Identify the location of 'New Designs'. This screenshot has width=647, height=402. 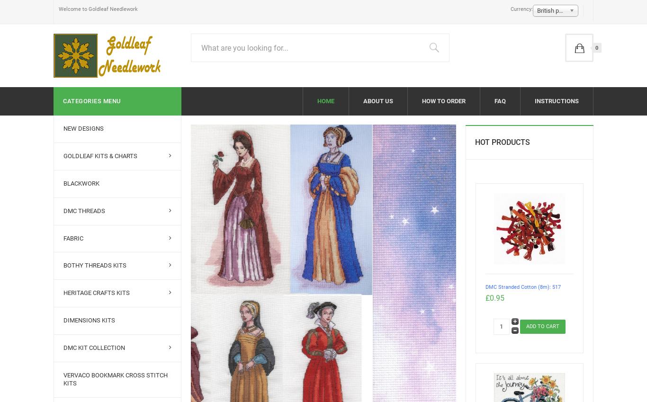
(83, 128).